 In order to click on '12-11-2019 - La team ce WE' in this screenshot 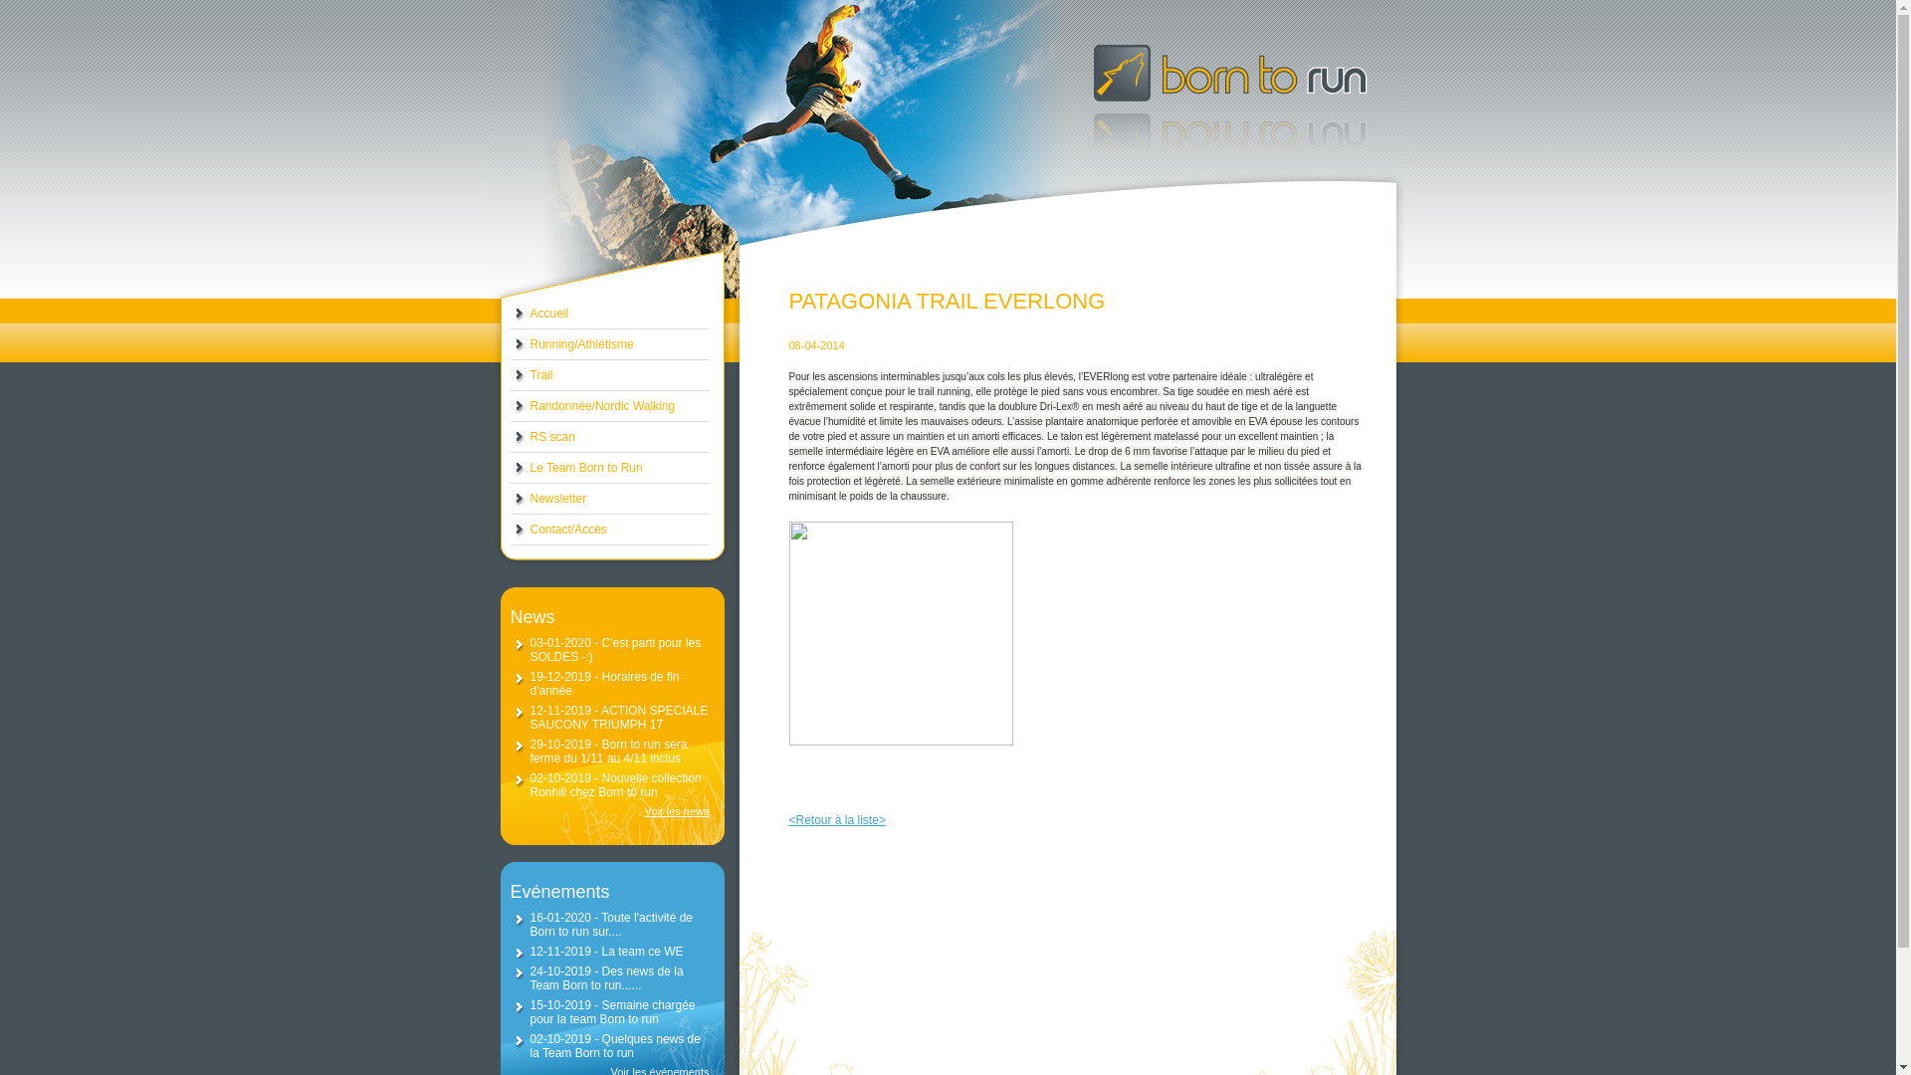, I will do `click(605, 951)`.